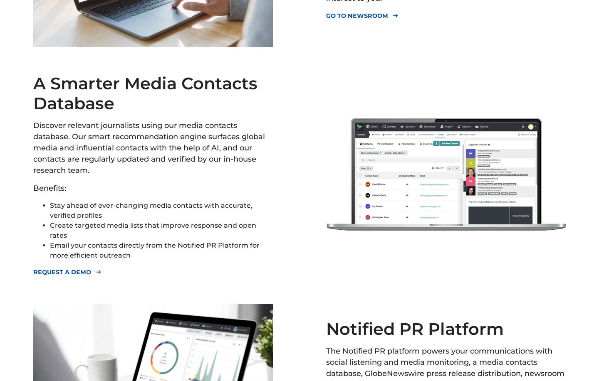  Describe the element at coordinates (414, 329) in the screenshot. I see `'Notified PR Platform'` at that location.